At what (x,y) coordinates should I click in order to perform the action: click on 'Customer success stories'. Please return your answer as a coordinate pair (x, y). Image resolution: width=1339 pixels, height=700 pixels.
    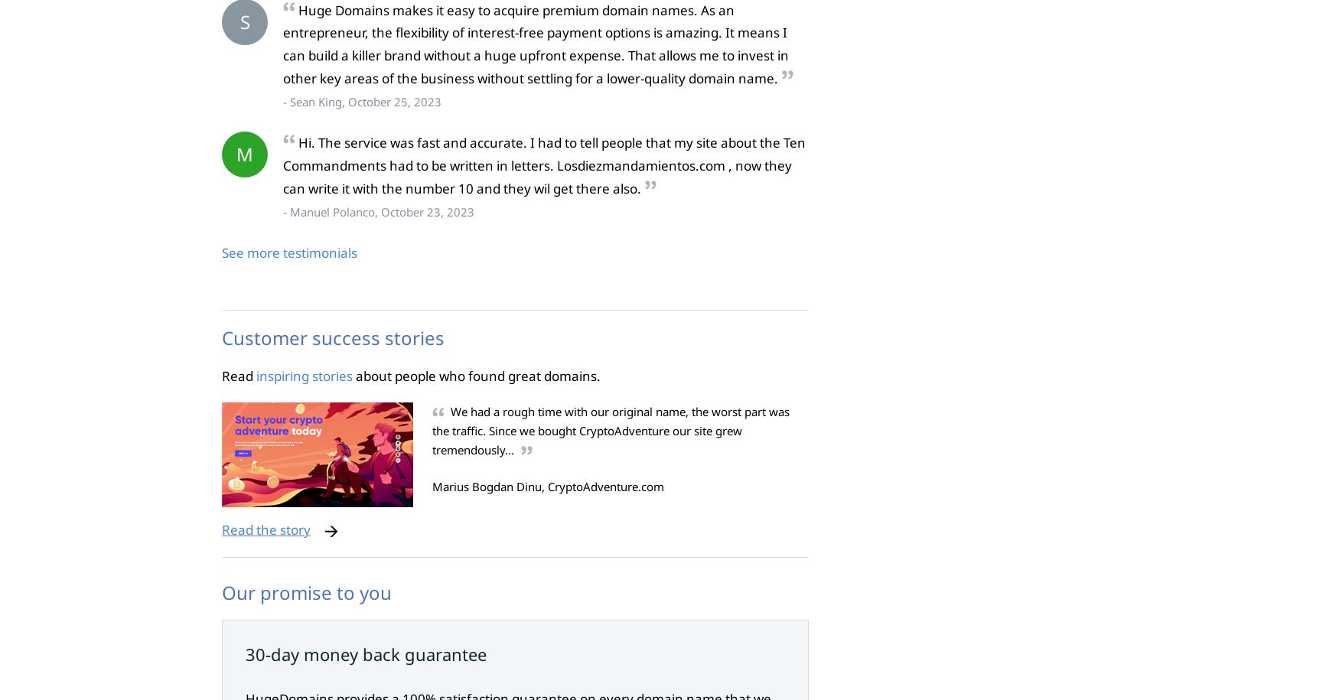
    Looking at the image, I should click on (332, 337).